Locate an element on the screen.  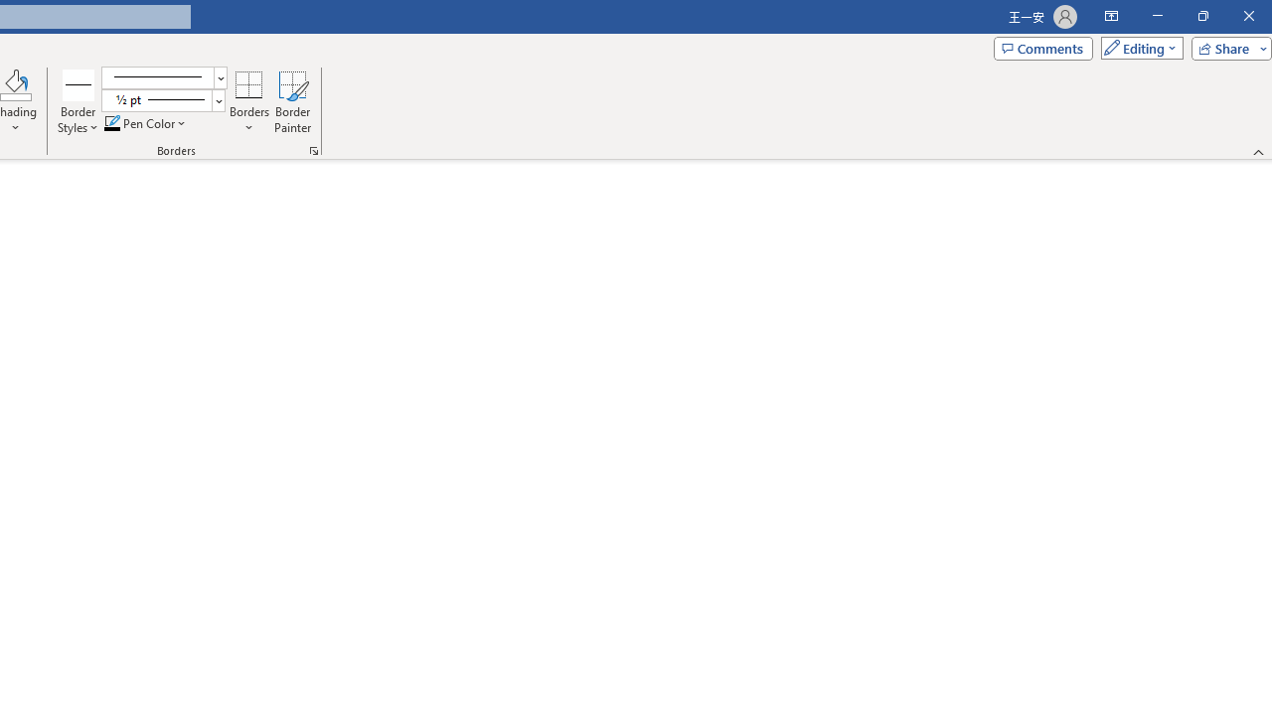
'Pen Color RGB(0, 0, 0)' is located at coordinates (111, 123).